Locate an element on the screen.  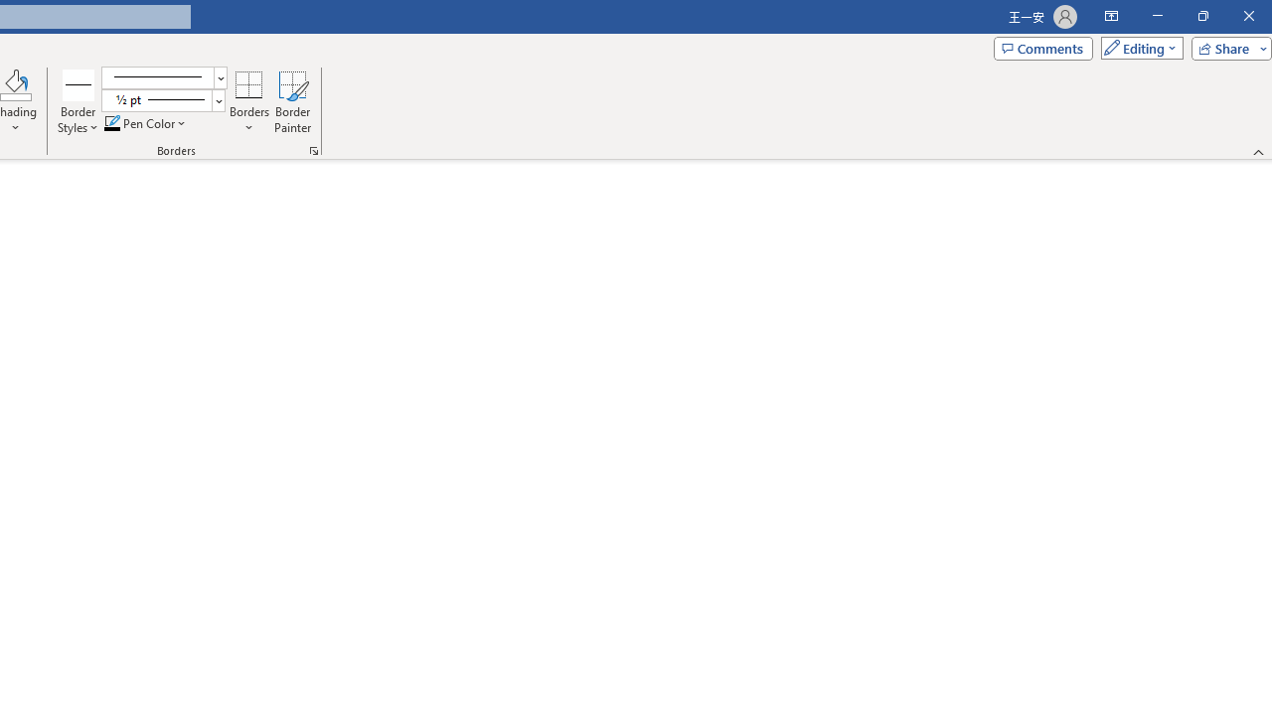
'Pen Color RGB(0, 0, 0)' is located at coordinates (111, 123).